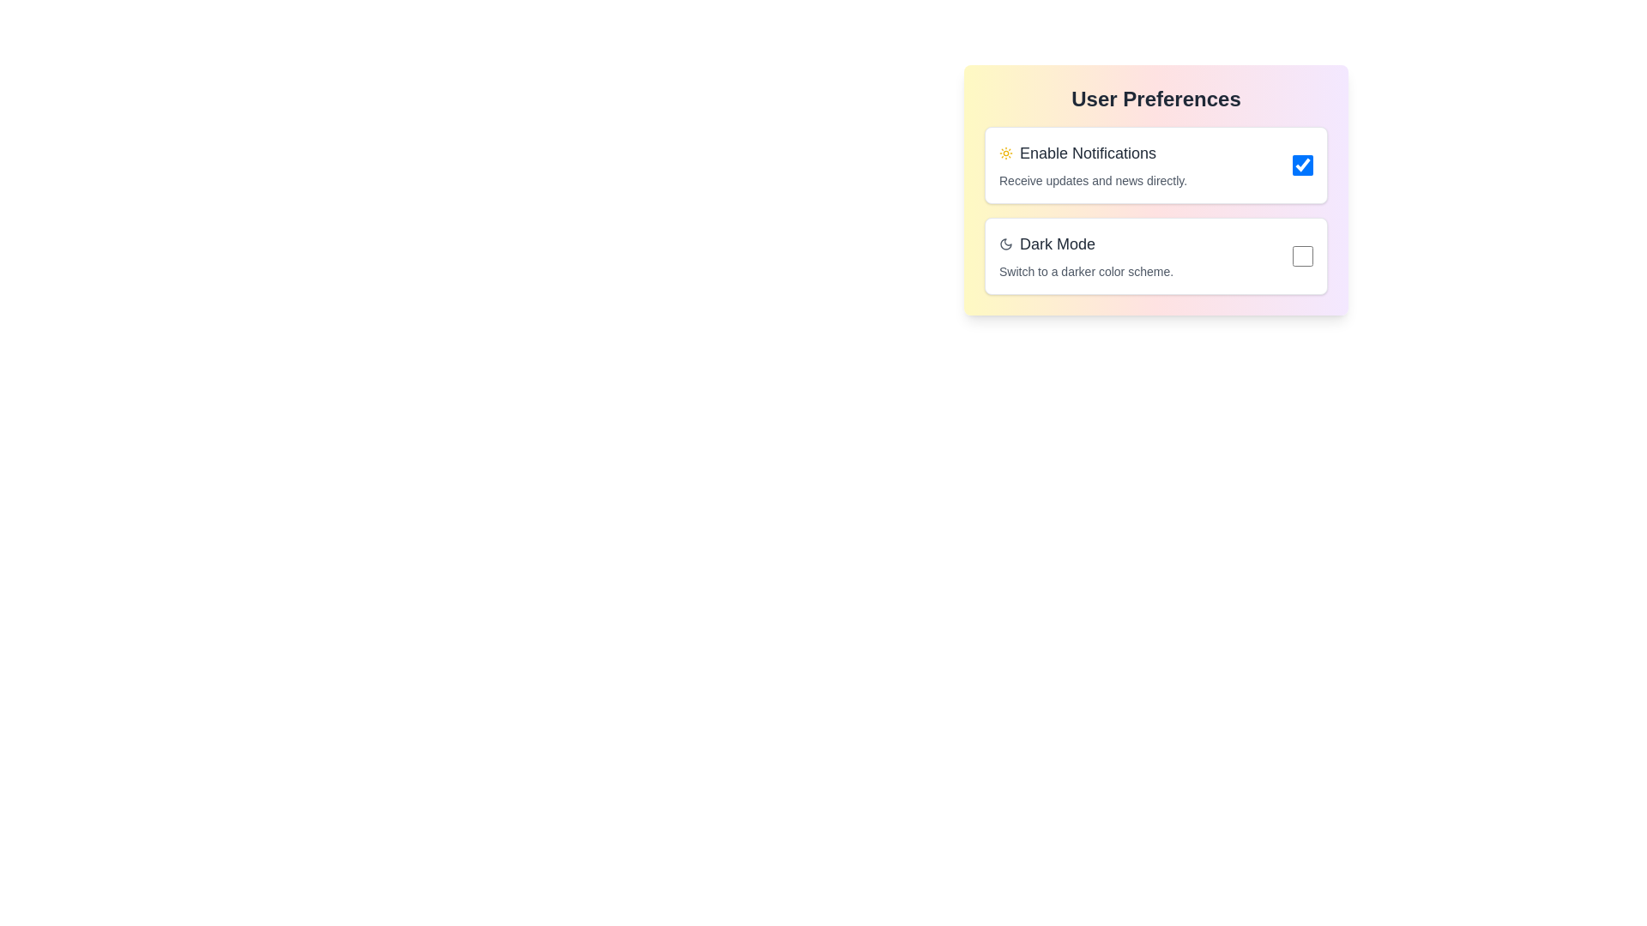 The height and width of the screenshot is (926, 1647). I want to click on the text block containing the title 'Dark Mode' and the description 'Switch to a darker color scheme.' which is the second section in the 'User Preferences' dialog box, so click(1085, 256).